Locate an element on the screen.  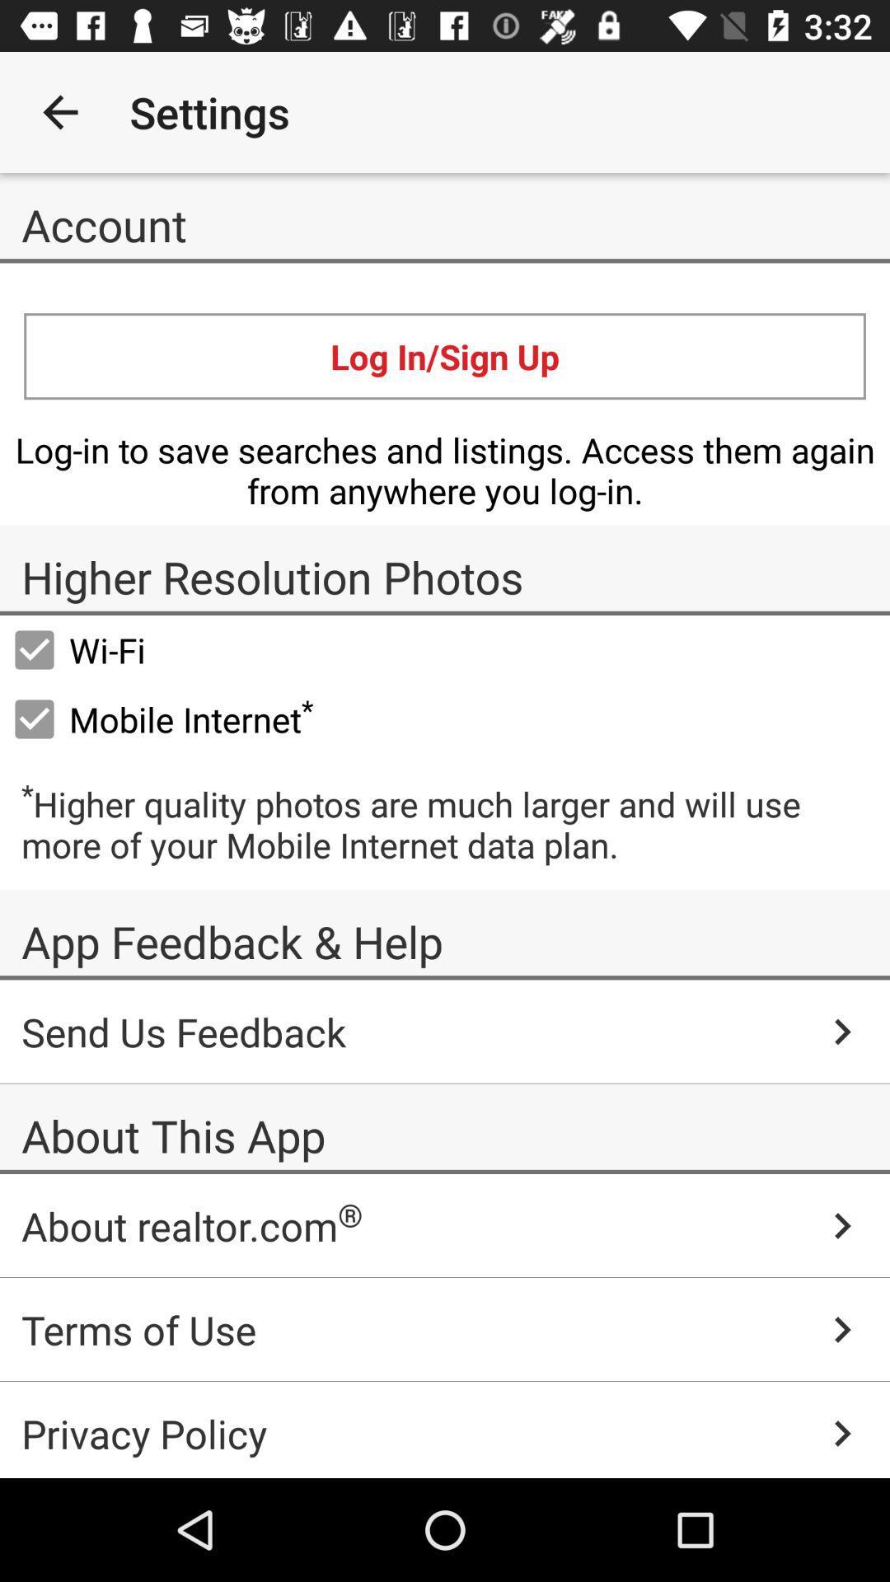
the item below terms of use item is located at coordinates (445, 1429).